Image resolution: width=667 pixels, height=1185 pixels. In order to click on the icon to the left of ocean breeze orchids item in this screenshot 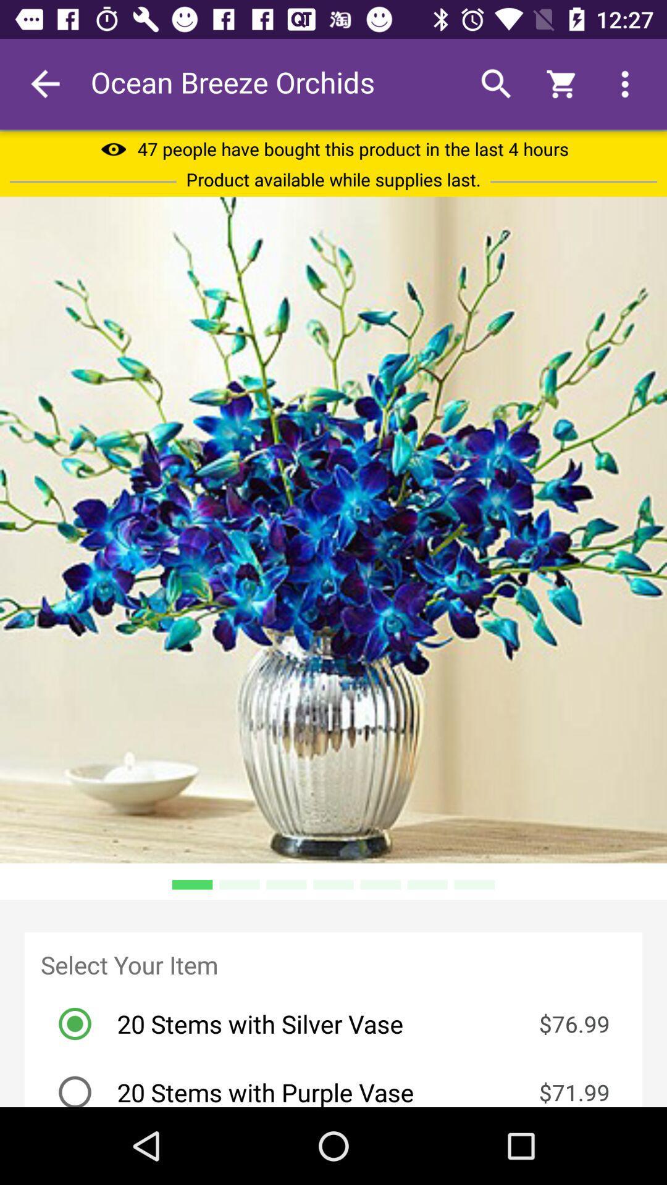, I will do `click(44, 83)`.